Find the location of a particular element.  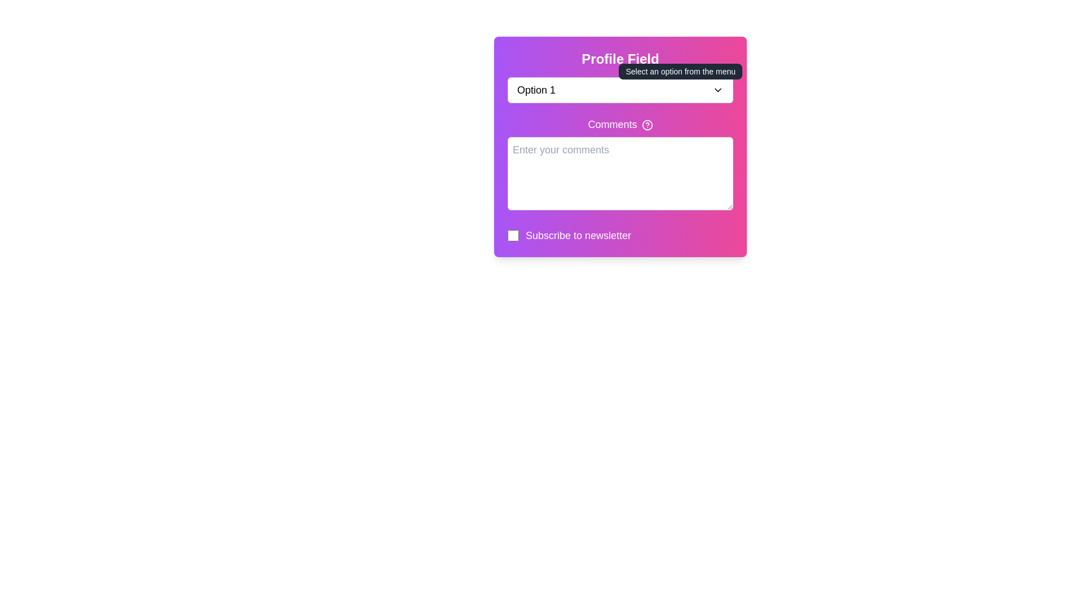

the multiline text input field with placeholder 'Enter your comments' to enable input is located at coordinates (619, 174).